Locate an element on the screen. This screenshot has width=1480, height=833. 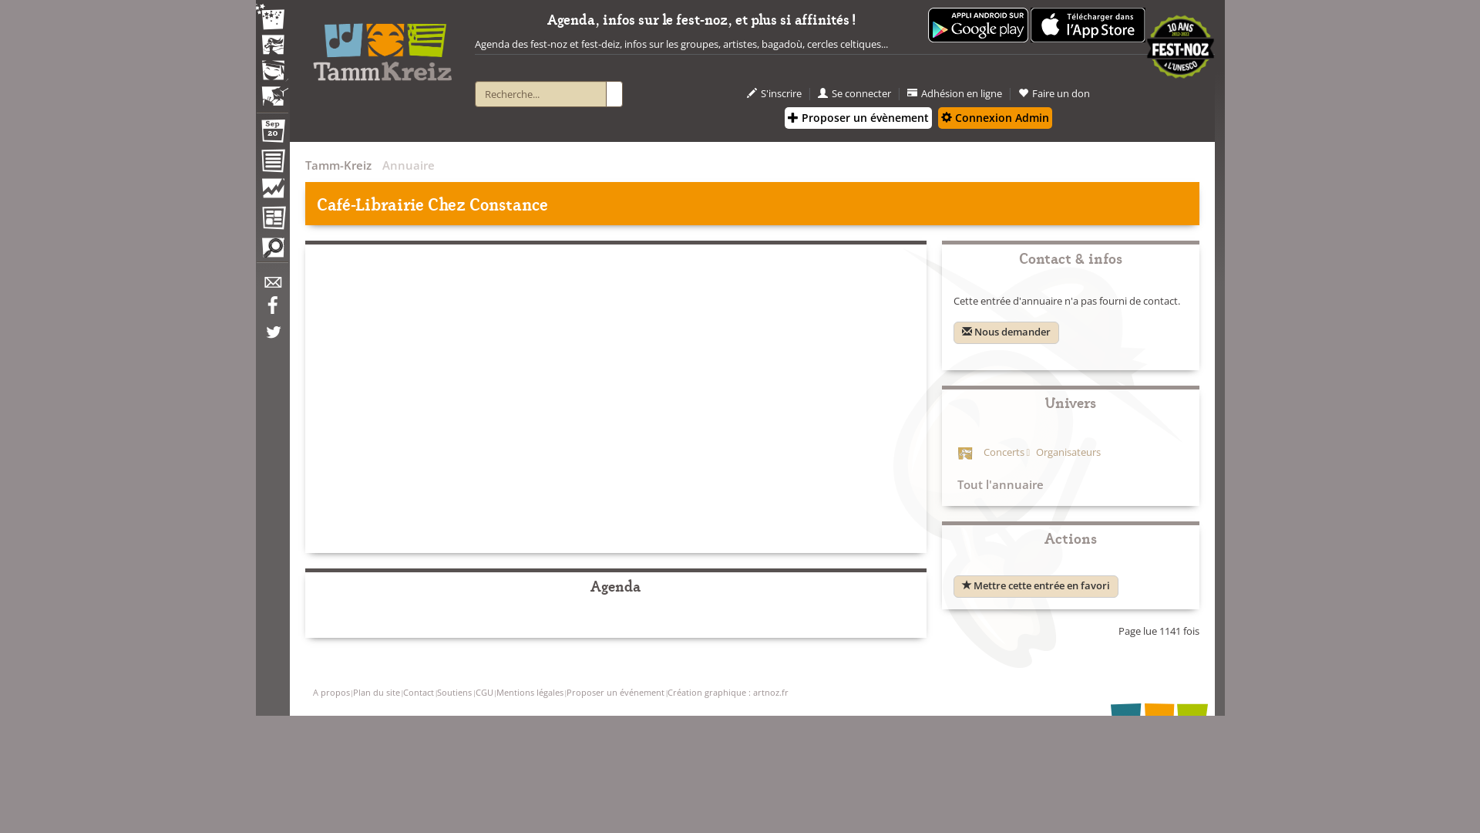
'Tout l'annuaire' is located at coordinates (997, 484).